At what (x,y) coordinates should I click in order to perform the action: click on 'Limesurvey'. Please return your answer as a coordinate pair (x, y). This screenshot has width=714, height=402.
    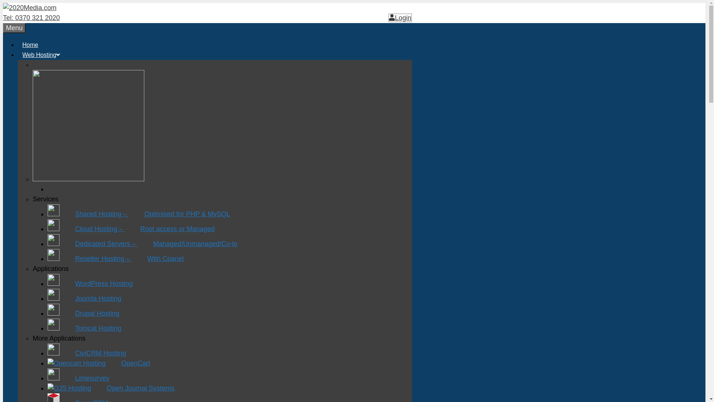
    Looking at the image, I should click on (47, 378).